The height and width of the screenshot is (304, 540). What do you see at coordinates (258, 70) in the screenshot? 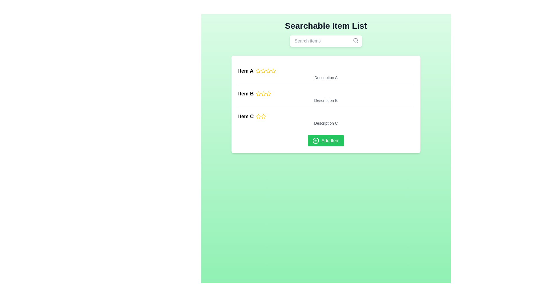
I see `the yellow star-shaped icon representing the first star in the rating system beside 'Item A'` at bounding box center [258, 70].